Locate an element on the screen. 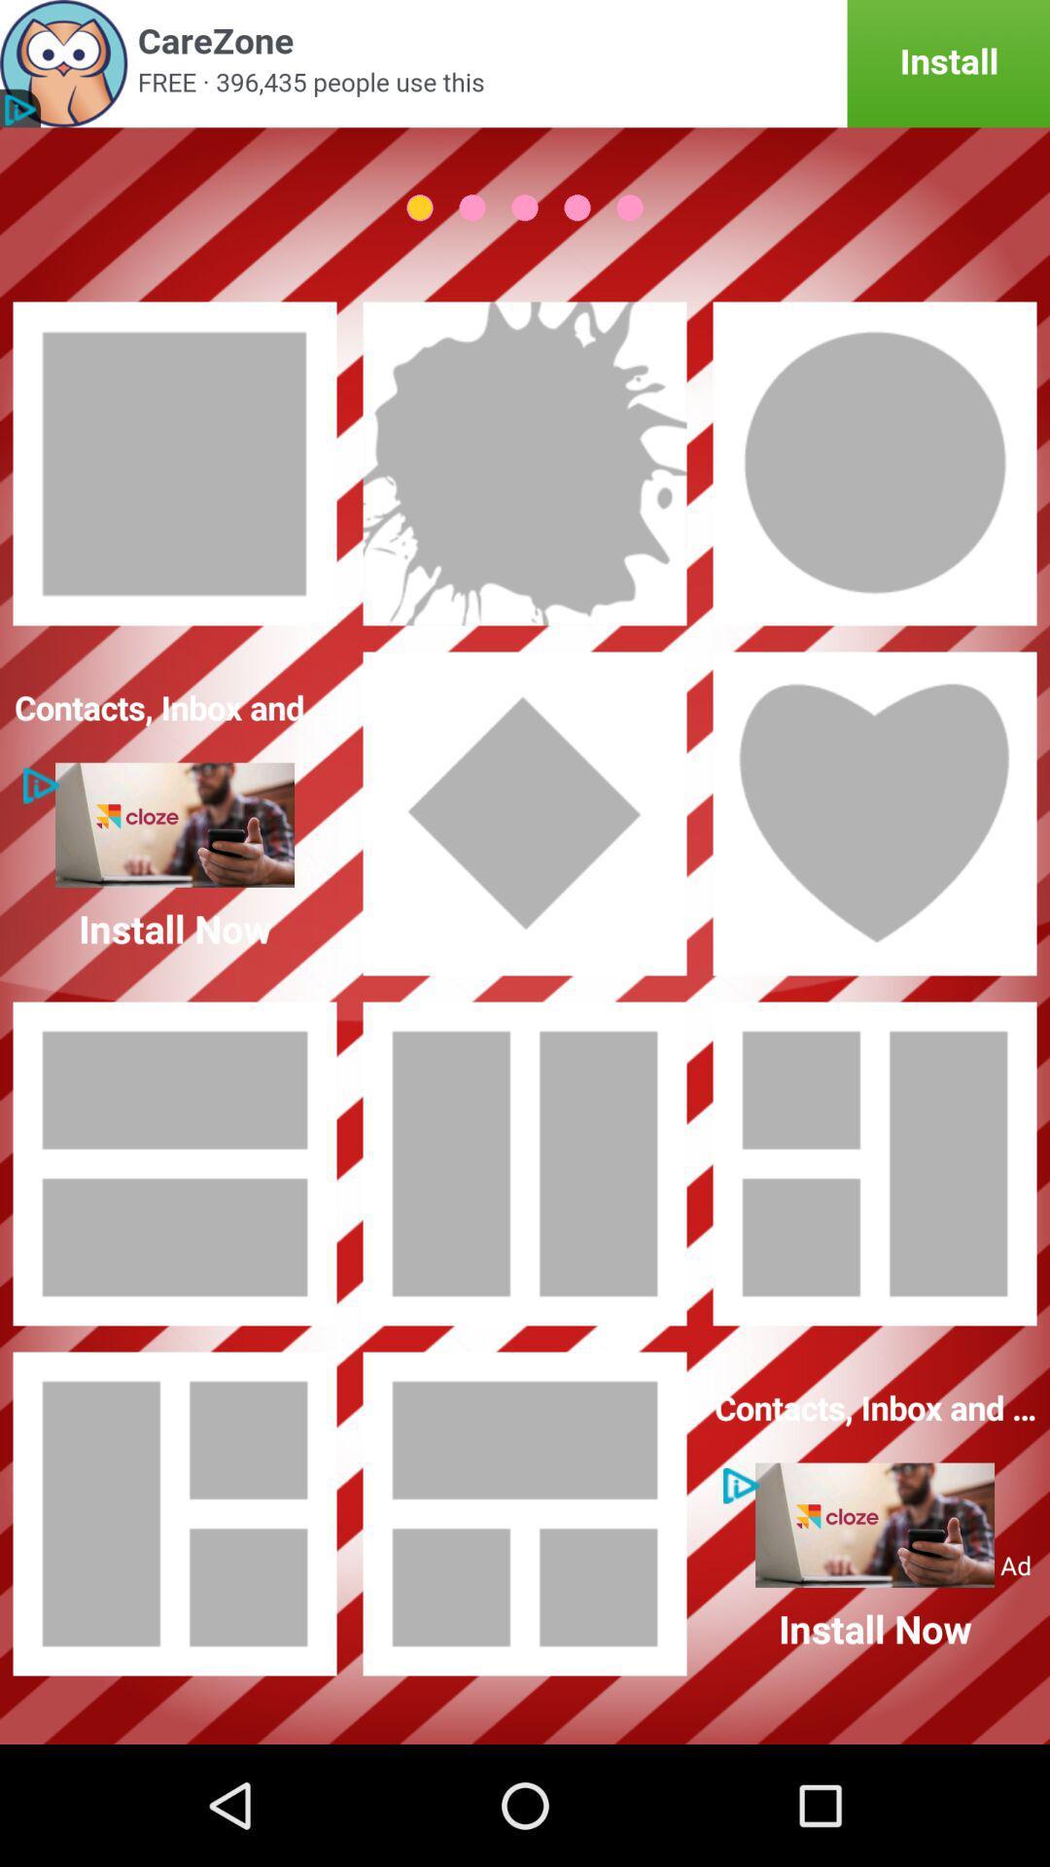 This screenshot has height=1867, width=1050. choose diamond layout is located at coordinates (525, 813).